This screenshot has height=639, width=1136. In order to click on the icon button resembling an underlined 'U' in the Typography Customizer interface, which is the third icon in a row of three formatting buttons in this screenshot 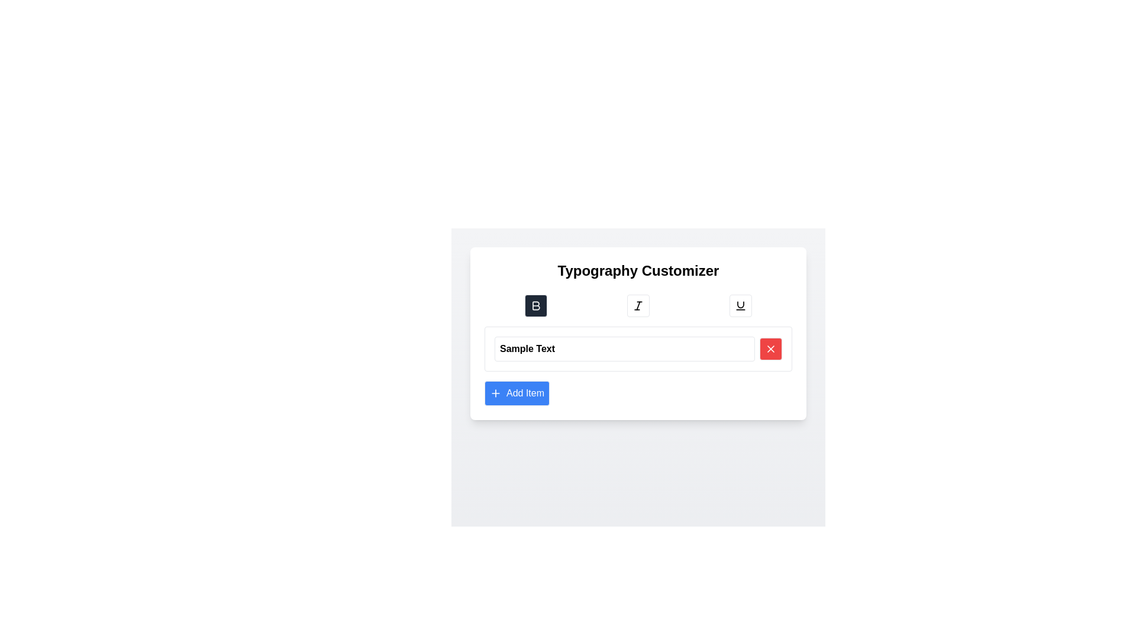, I will do `click(740, 305)`.